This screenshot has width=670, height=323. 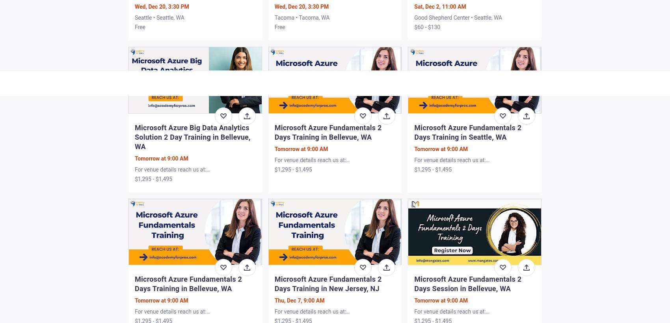 What do you see at coordinates (467, 132) in the screenshot?
I see `'Microsoft Azure Fundamentals 2 Days Training in Seattle, WA'` at bounding box center [467, 132].